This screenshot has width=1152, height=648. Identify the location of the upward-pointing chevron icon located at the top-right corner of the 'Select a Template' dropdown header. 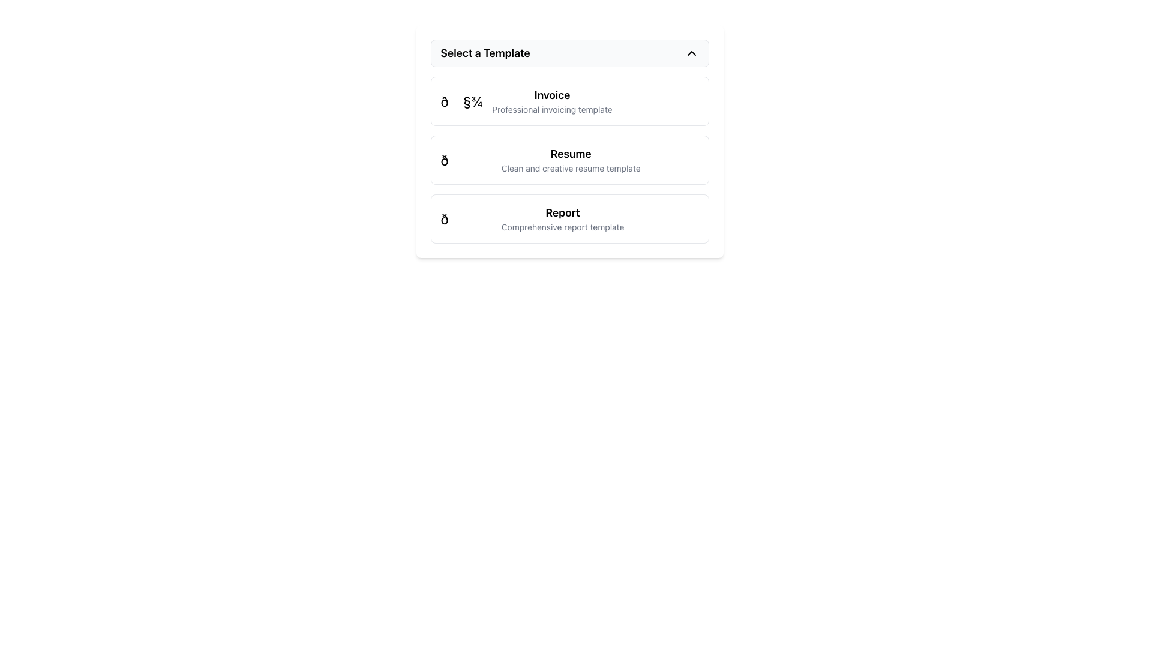
(691, 52).